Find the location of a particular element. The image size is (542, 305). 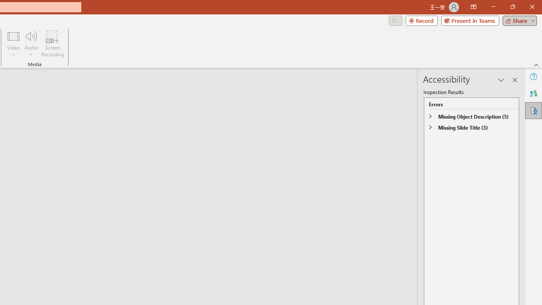

'Share' is located at coordinates (517, 20).